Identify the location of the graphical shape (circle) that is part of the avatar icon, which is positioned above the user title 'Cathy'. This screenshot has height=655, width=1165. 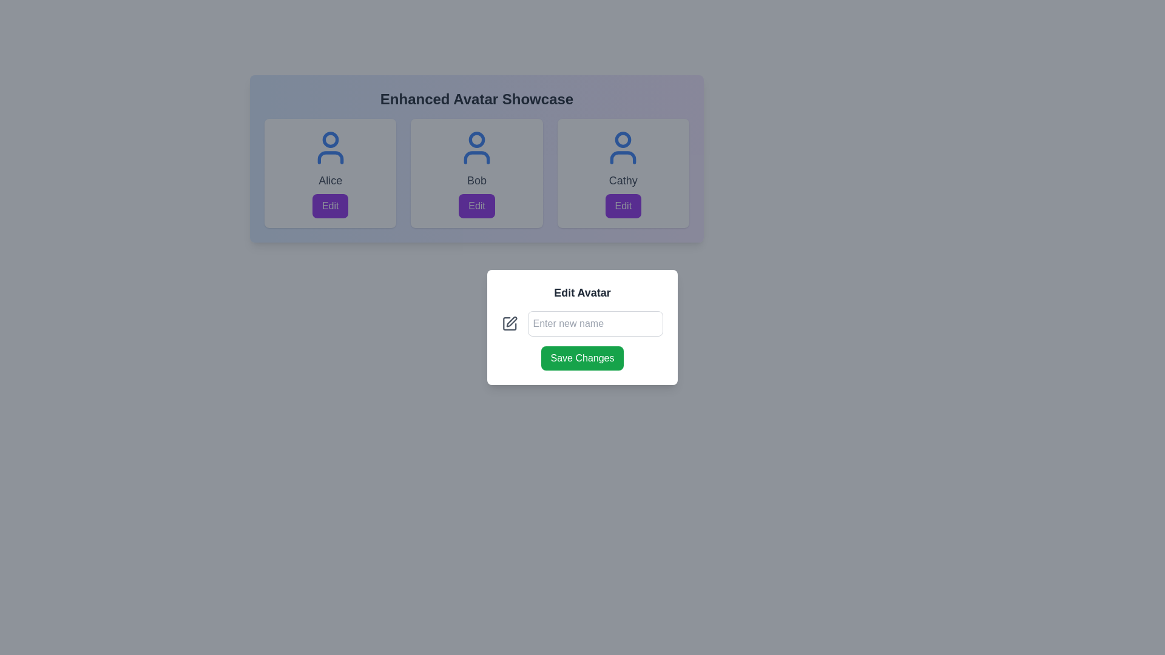
(623, 139).